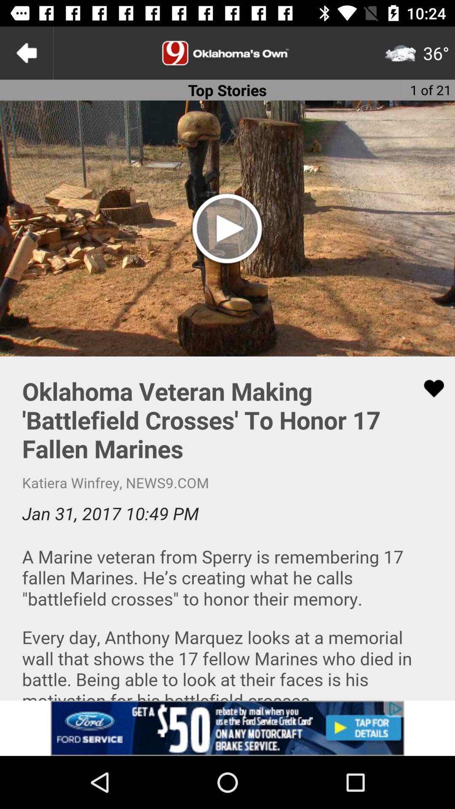  I want to click on article to favorites, so click(428, 388).